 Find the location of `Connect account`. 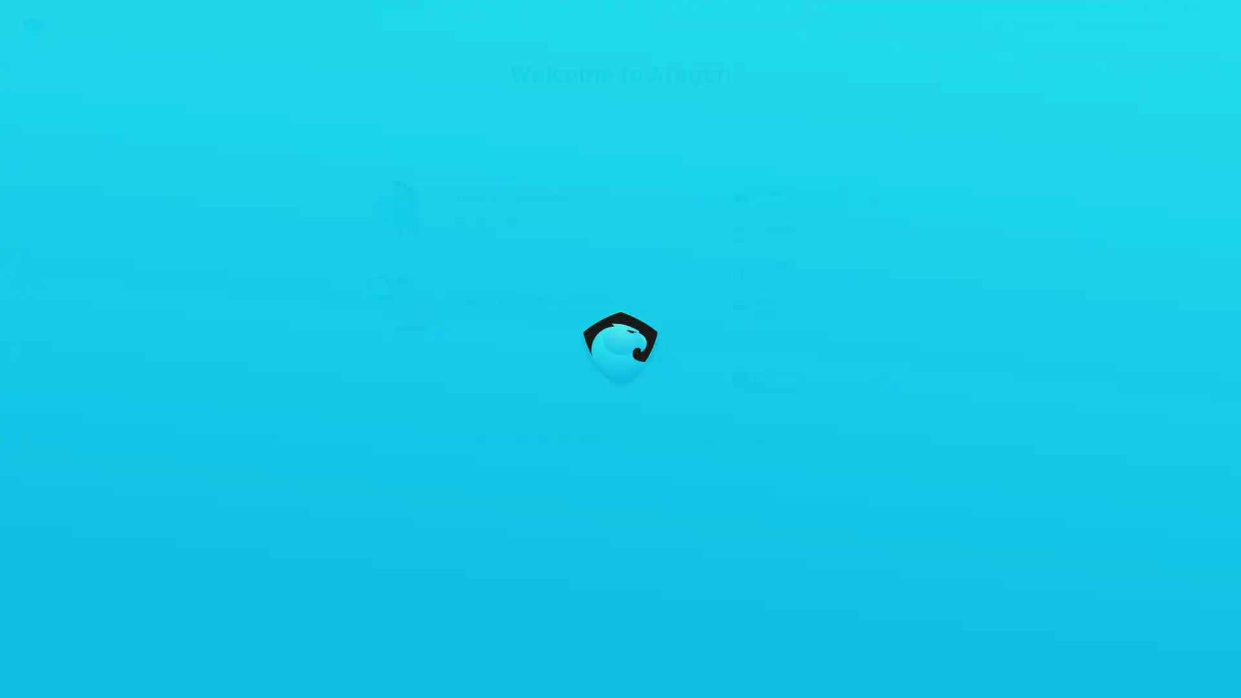

Connect account is located at coordinates (1131, 19).